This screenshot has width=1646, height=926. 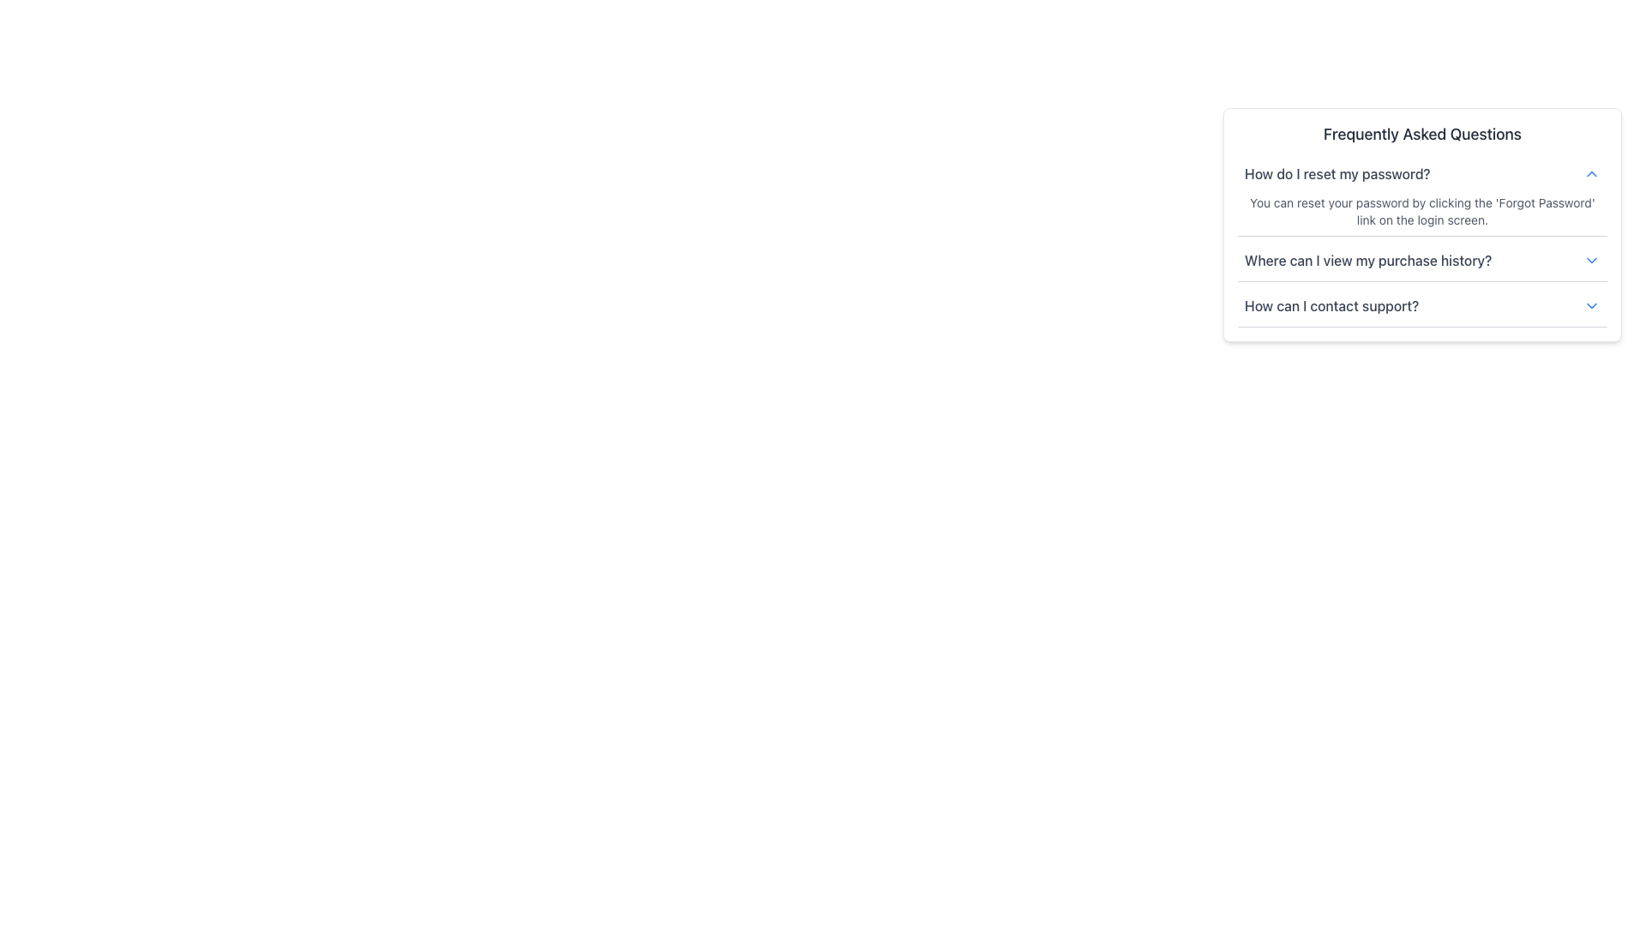 I want to click on the blue chevron-shaped icon located to the right of the text 'Where can I view my purchase history?', so click(x=1591, y=261).